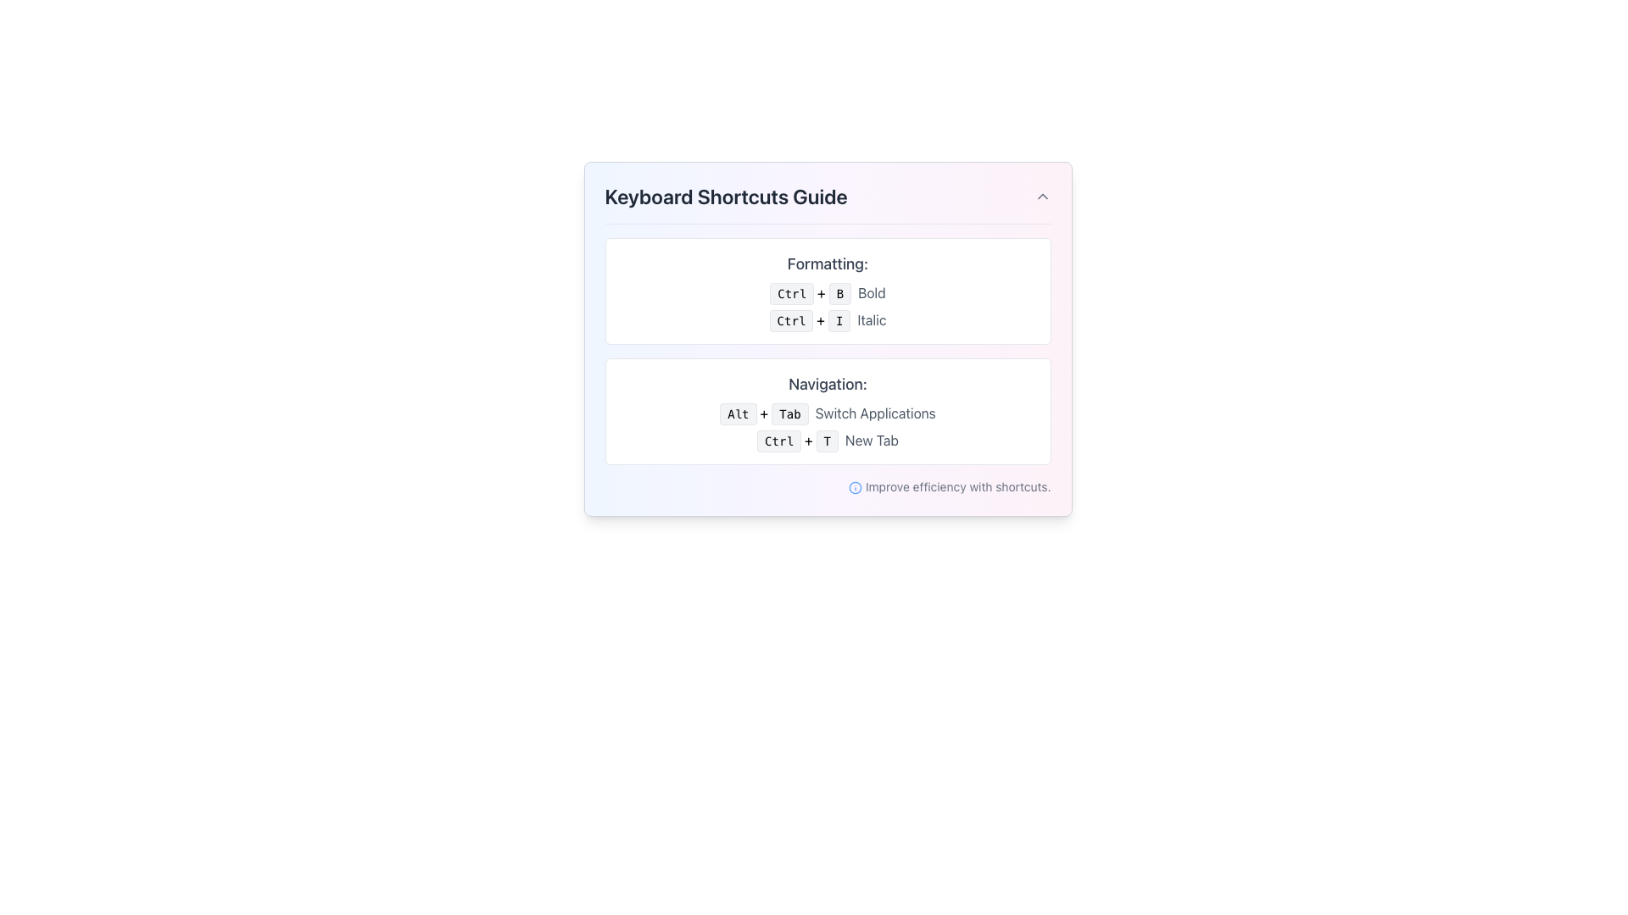 The width and height of the screenshot is (1628, 915). I want to click on the keyboard shortcut label displaying 'Ctrl + T New Tab', which is the second entry under the 'Navigation' section of the keyboard shortcut guide, so click(828, 440).